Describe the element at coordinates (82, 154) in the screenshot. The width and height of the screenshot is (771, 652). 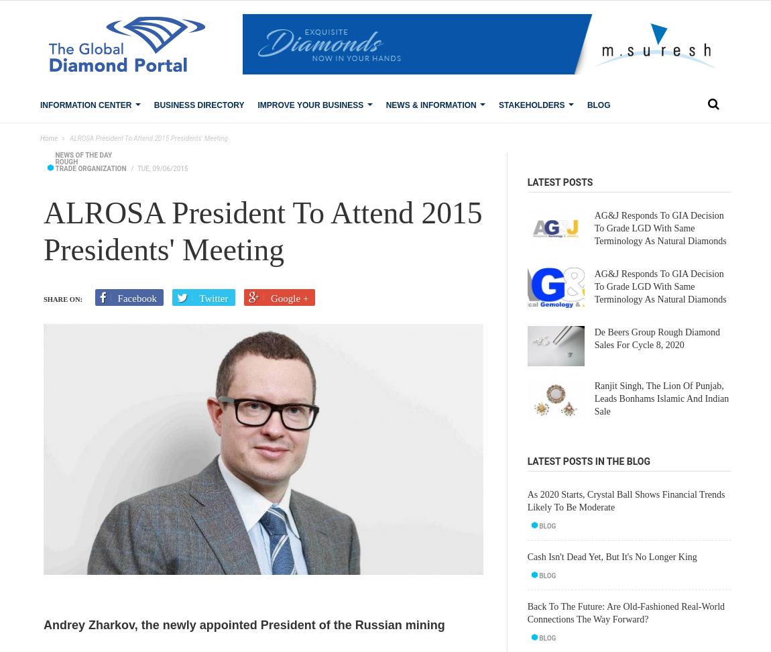
I see `'News of the day'` at that location.